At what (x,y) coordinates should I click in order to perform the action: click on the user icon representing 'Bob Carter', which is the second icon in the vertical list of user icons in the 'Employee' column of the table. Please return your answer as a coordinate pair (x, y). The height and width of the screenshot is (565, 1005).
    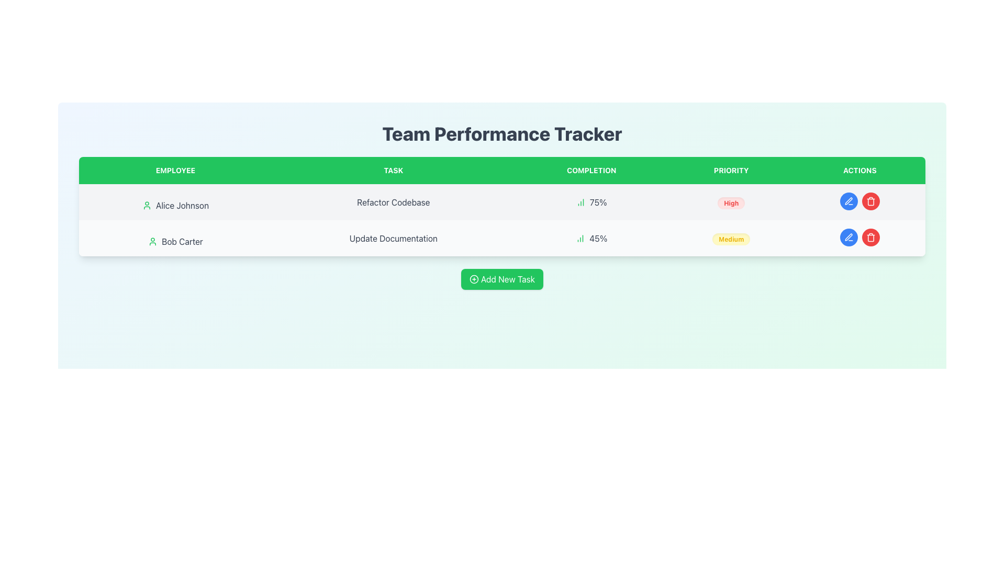
    Looking at the image, I should click on (152, 242).